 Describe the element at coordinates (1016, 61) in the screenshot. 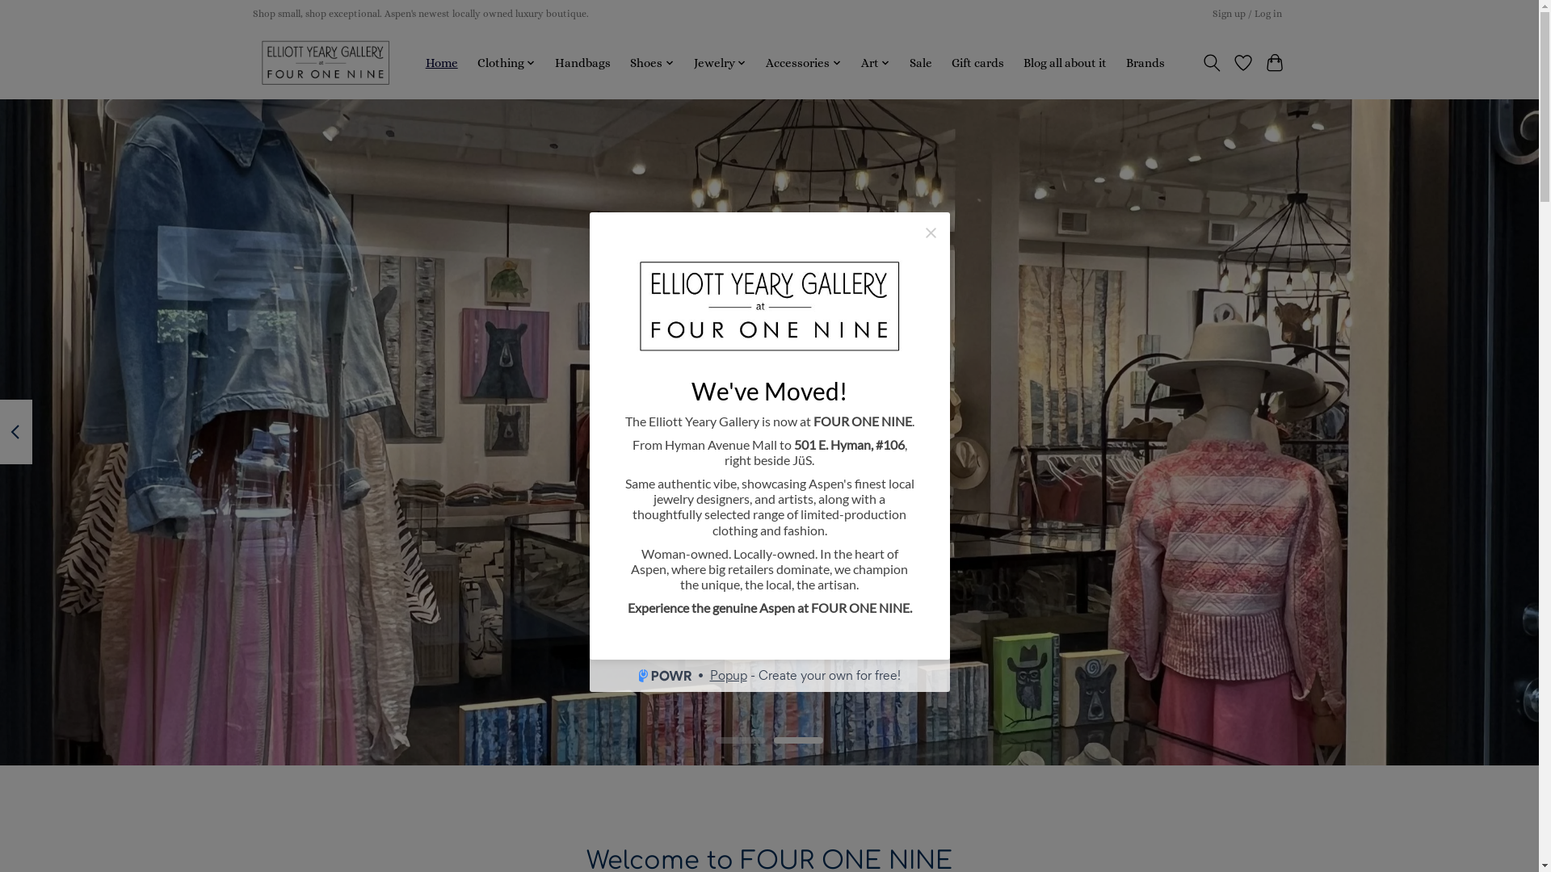

I see `'Blog all about it'` at that location.